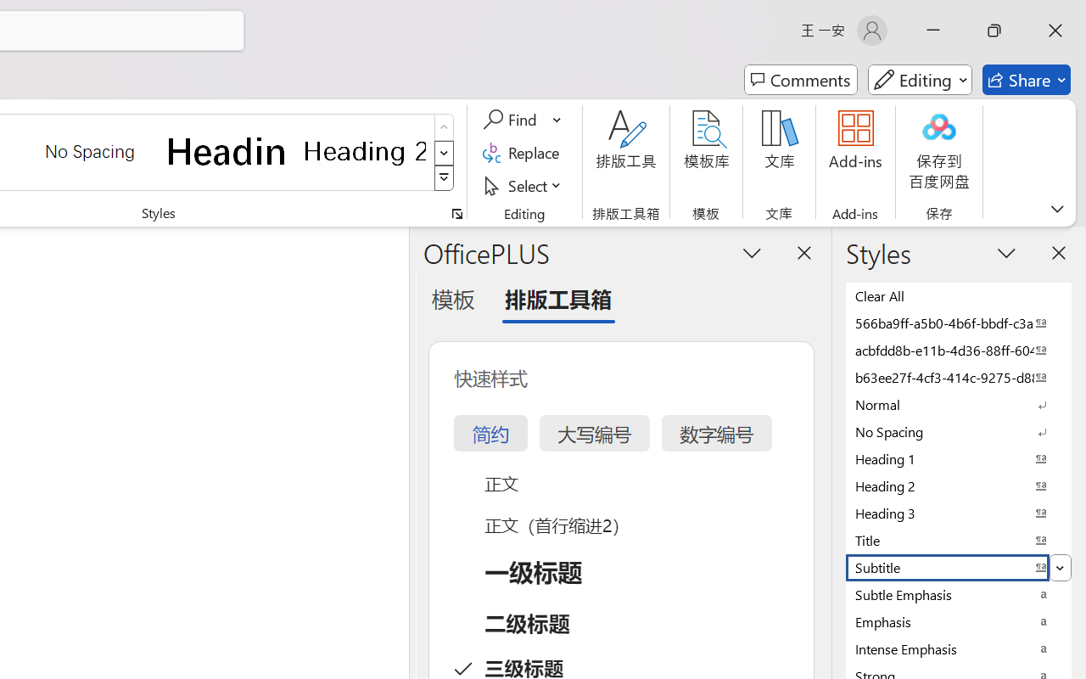  I want to click on 'Comments', so click(800, 80).